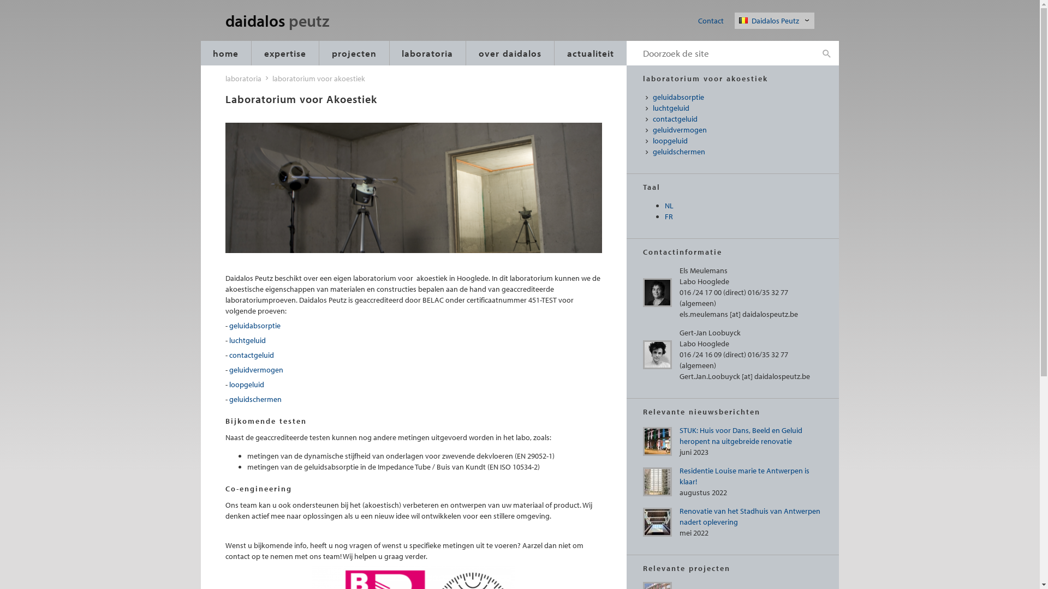 Image resolution: width=1048 pixels, height=589 pixels. Describe the element at coordinates (285, 53) in the screenshot. I see `'expertise'` at that location.